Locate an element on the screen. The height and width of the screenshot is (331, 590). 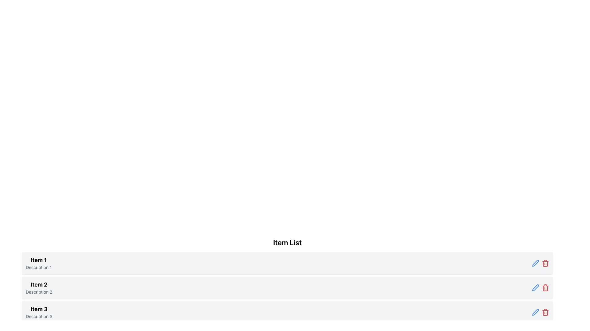
the text label 'Item 2', which is bold and located in the second row of a vertically aligned list, positioned above 'Description 2' and below 'Item 1' is located at coordinates (39, 285).